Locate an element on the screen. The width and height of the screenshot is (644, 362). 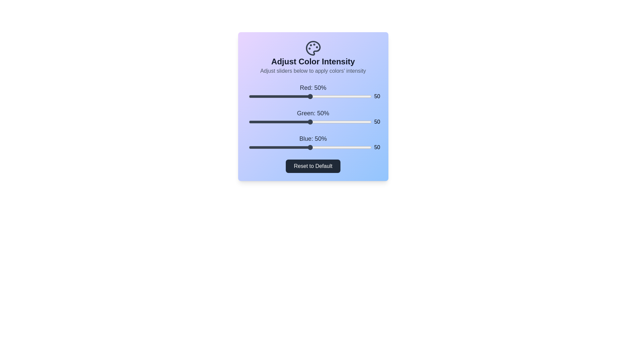
the 1 slider to 32% is located at coordinates (288, 122).